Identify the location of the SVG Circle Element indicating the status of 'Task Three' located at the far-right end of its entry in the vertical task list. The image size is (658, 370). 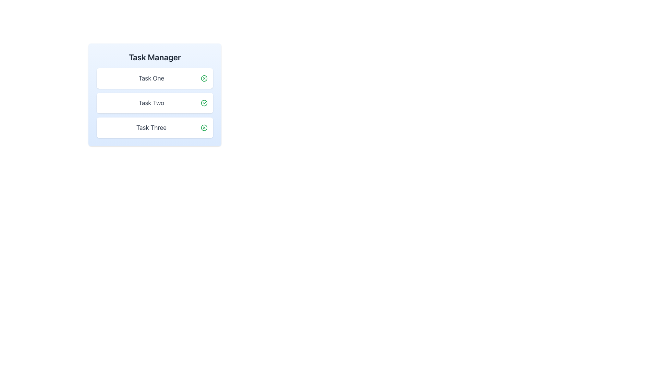
(204, 128).